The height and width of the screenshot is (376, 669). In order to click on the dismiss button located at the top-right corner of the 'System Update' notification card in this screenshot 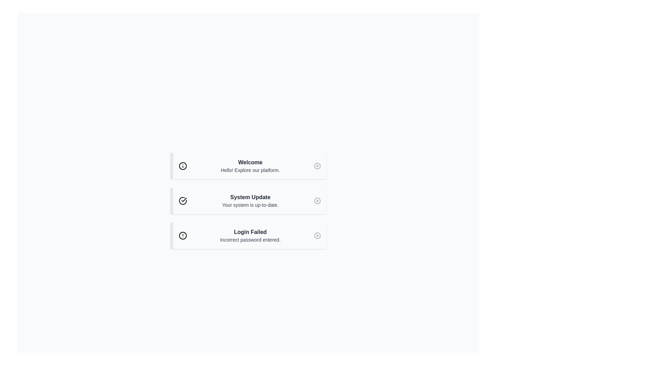, I will do `click(317, 201)`.